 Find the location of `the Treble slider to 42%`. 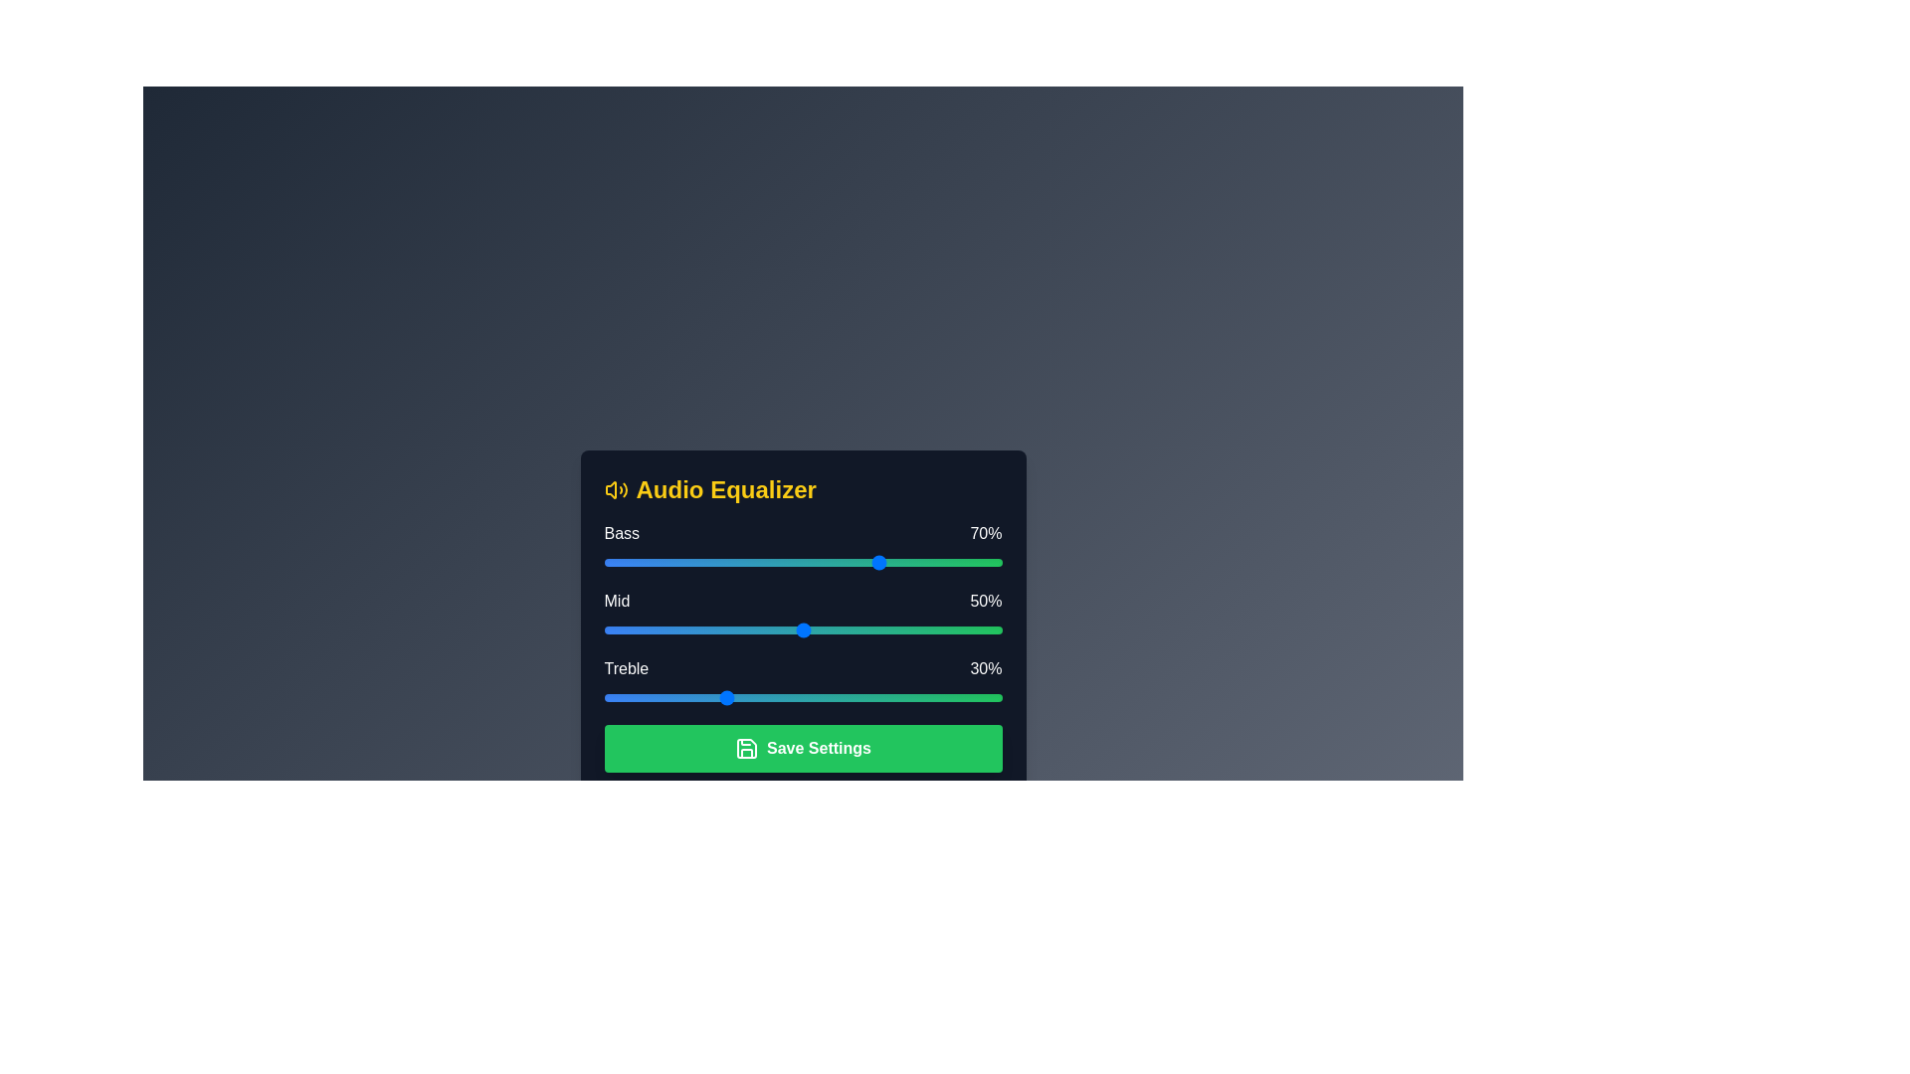

the Treble slider to 42% is located at coordinates (770, 697).